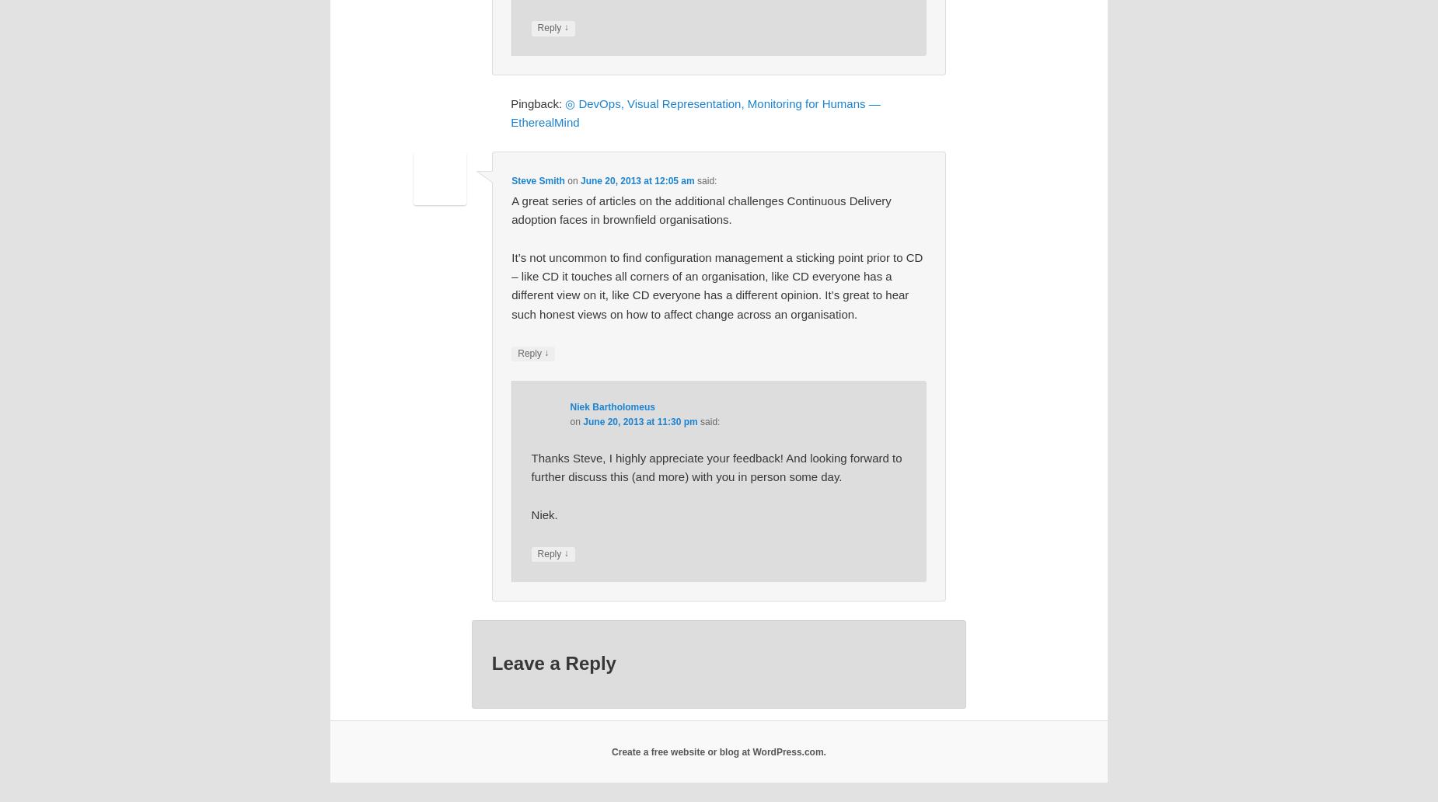 This screenshot has width=1438, height=802. What do you see at coordinates (538, 180) in the screenshot?
I see `'Steve Smith'` at bounding box center [538, 180].